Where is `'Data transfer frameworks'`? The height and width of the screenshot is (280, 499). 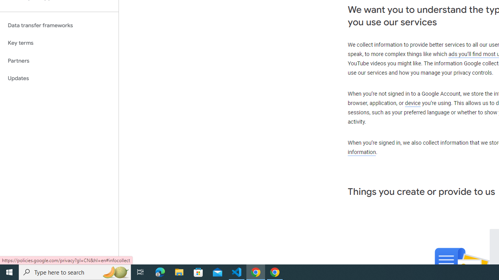 'Data transfer frameworks' is located at coordinates (59, 25).